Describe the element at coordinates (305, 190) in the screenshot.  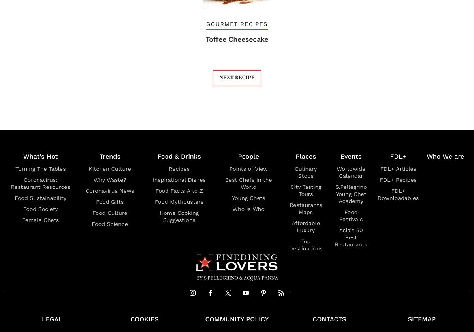
I see `'City Tasting Tours'` at that location.